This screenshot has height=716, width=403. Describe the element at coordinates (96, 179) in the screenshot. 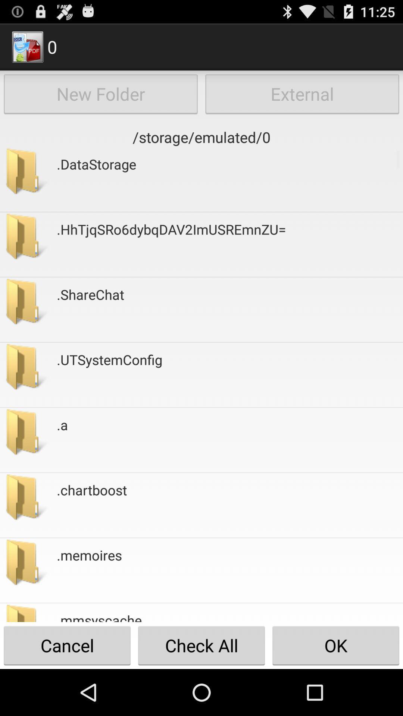

I see `the .datastorage app` at that location.